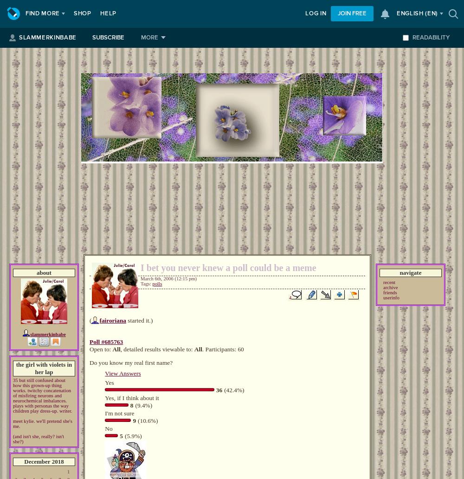 The height and width of the screenshot is (479, 464). What do you see at coordinates (68, 471) in the screenshot?
I see `'1'` at bounding box center [68, 471].